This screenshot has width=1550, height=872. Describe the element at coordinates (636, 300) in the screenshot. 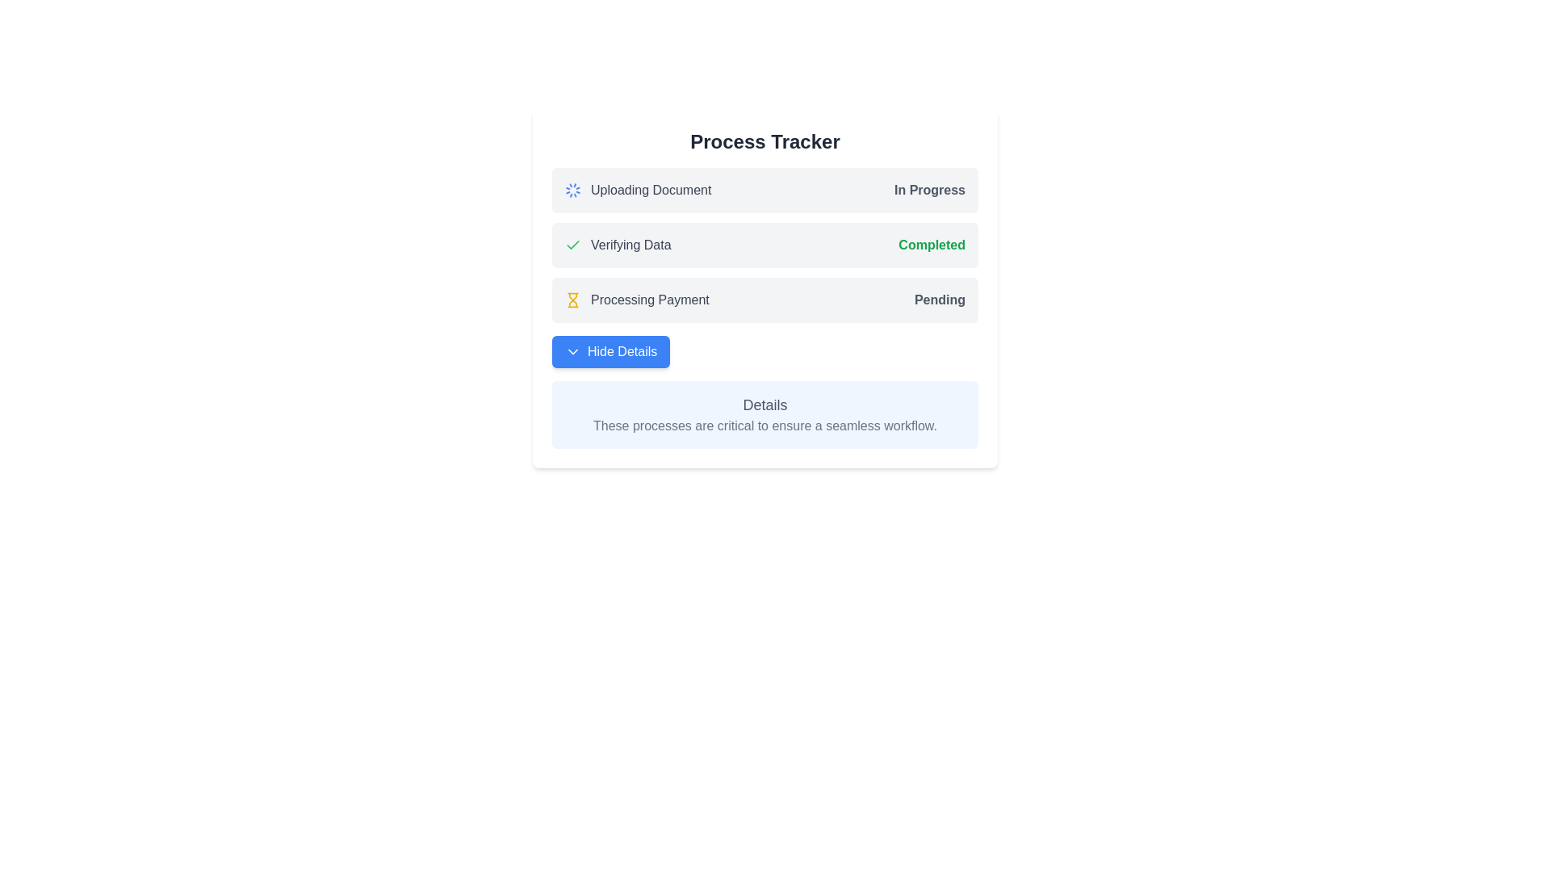

I see `the 'Processing Payment' text label with the hourglass icon, which is located in the third row of the 'Process Tracker' section` at that location.